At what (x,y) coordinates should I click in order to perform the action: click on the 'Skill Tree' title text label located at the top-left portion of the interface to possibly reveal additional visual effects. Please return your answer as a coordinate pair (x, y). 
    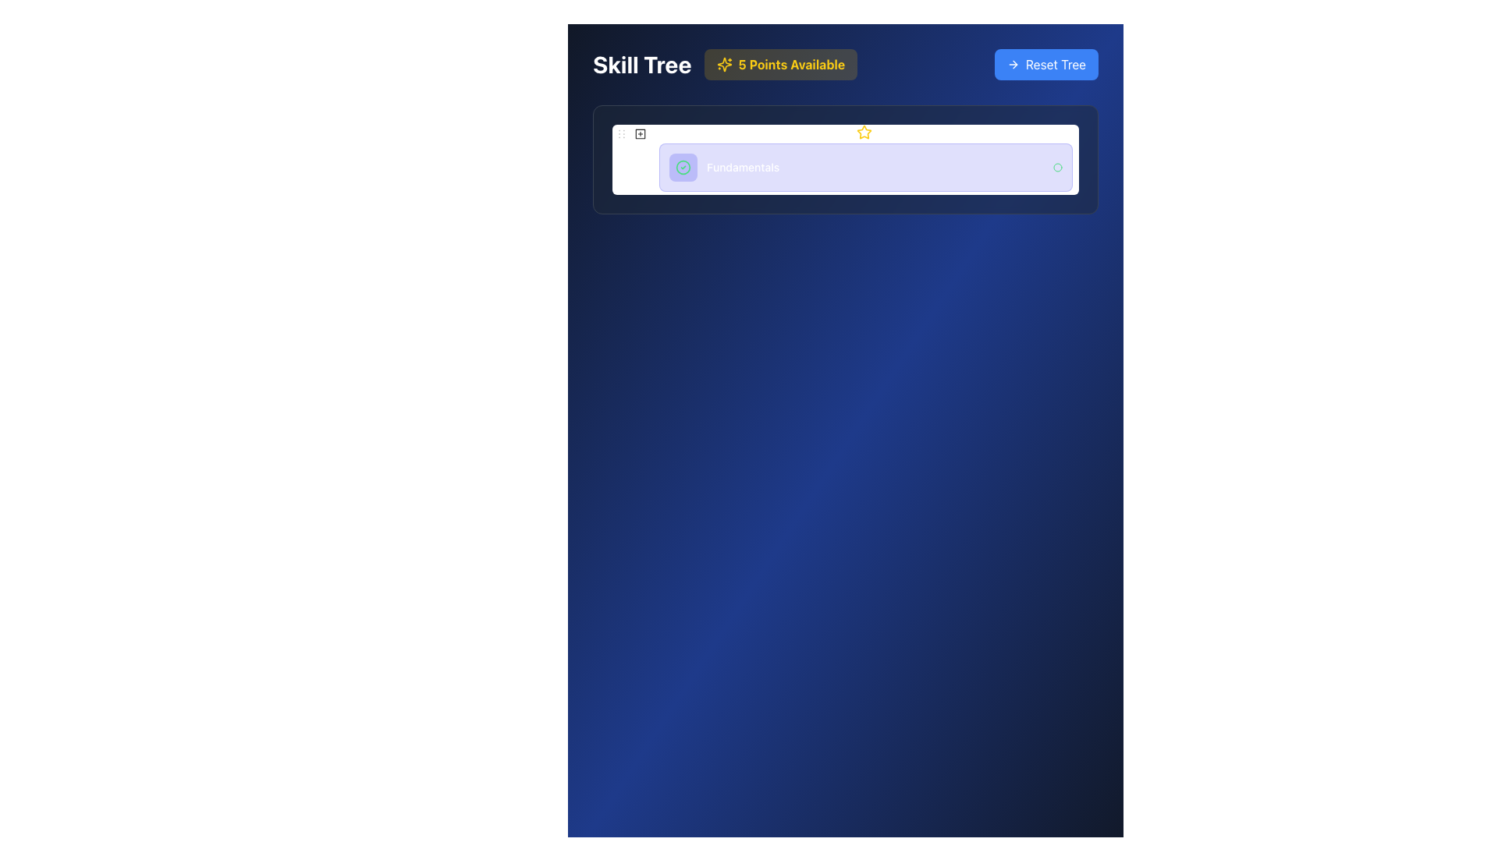
    Looking at the image, I should click on (642, 64).